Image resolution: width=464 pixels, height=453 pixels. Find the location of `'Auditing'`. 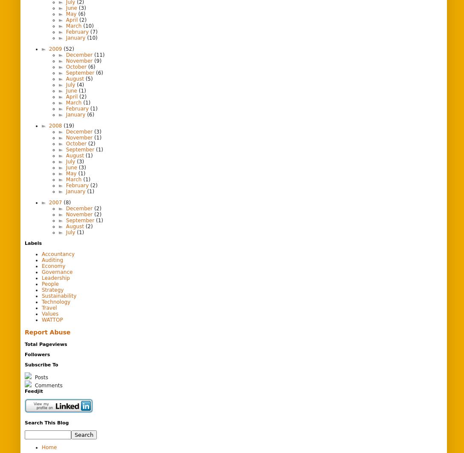

'Auditing' is located at coordinates (52, 259).